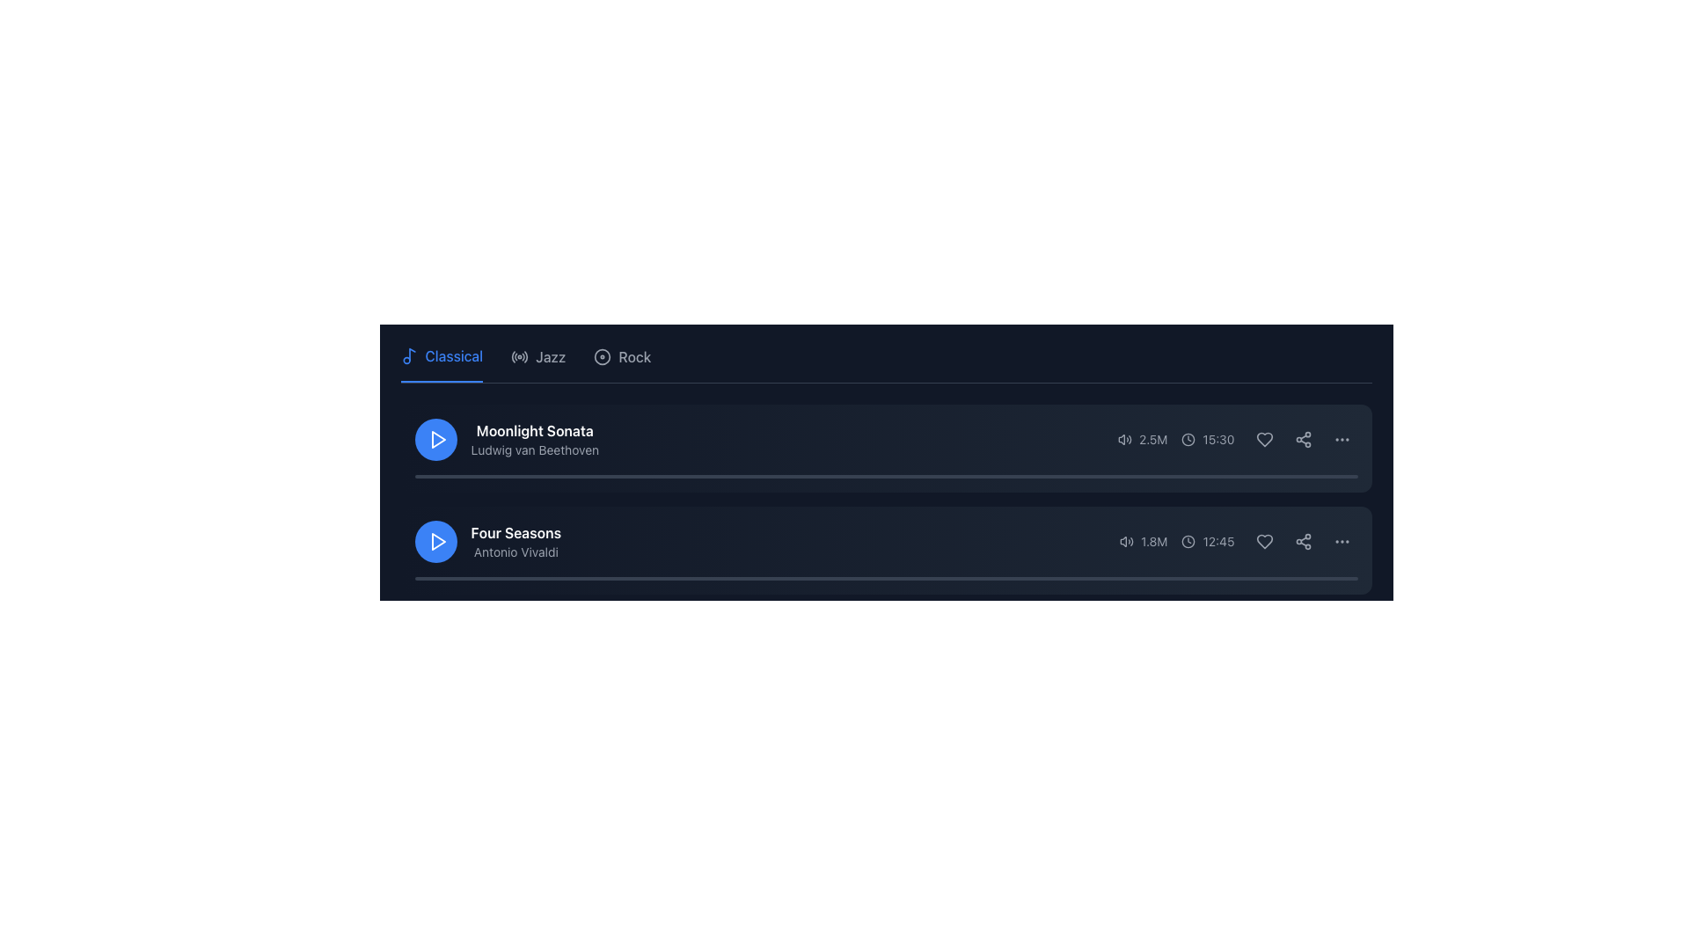  I want to click on the heart icon to toggle marking 'Moonlight Sonata' as a favorite and view the tooltip, so click(1263, 439).